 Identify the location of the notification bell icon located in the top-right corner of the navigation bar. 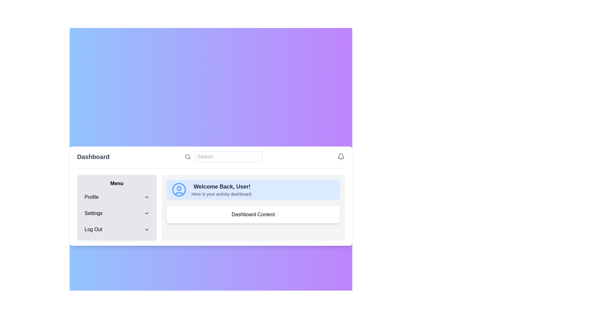
(341, 156).